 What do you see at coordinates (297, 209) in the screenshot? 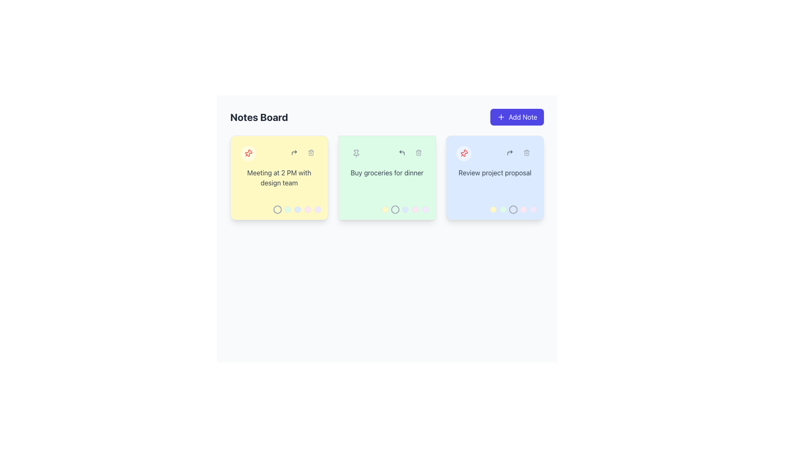
I see `the third button in the horizontal series of five colored buttons located at the bottom-right corner of the yellow card containing the text 'Meeting at 2 PM with design team'` at bounding box center [297, 209].